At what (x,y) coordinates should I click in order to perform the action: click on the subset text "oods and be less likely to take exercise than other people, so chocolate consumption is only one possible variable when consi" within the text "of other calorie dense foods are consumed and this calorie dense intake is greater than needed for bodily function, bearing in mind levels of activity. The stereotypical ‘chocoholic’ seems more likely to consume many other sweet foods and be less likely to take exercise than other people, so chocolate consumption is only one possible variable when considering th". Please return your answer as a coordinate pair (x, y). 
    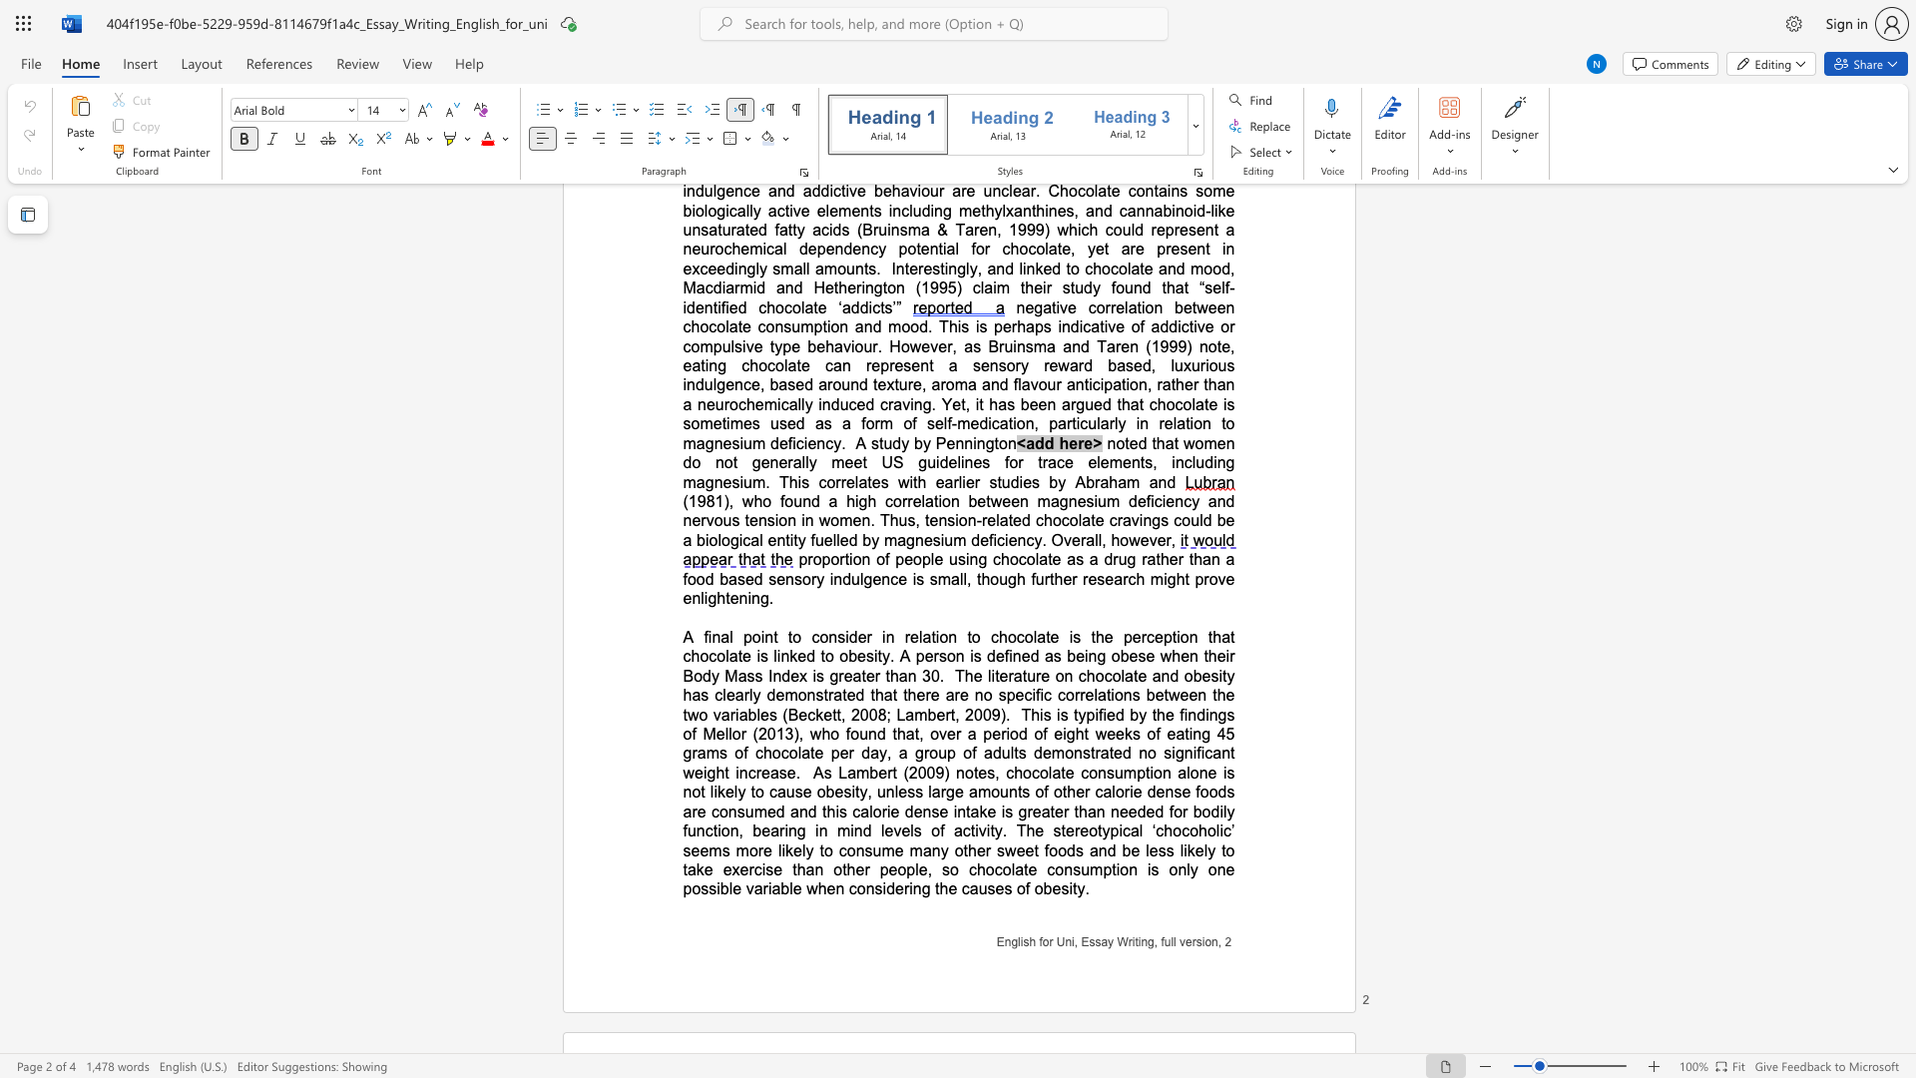
    Looking at the image, I should click on (1048, 850).